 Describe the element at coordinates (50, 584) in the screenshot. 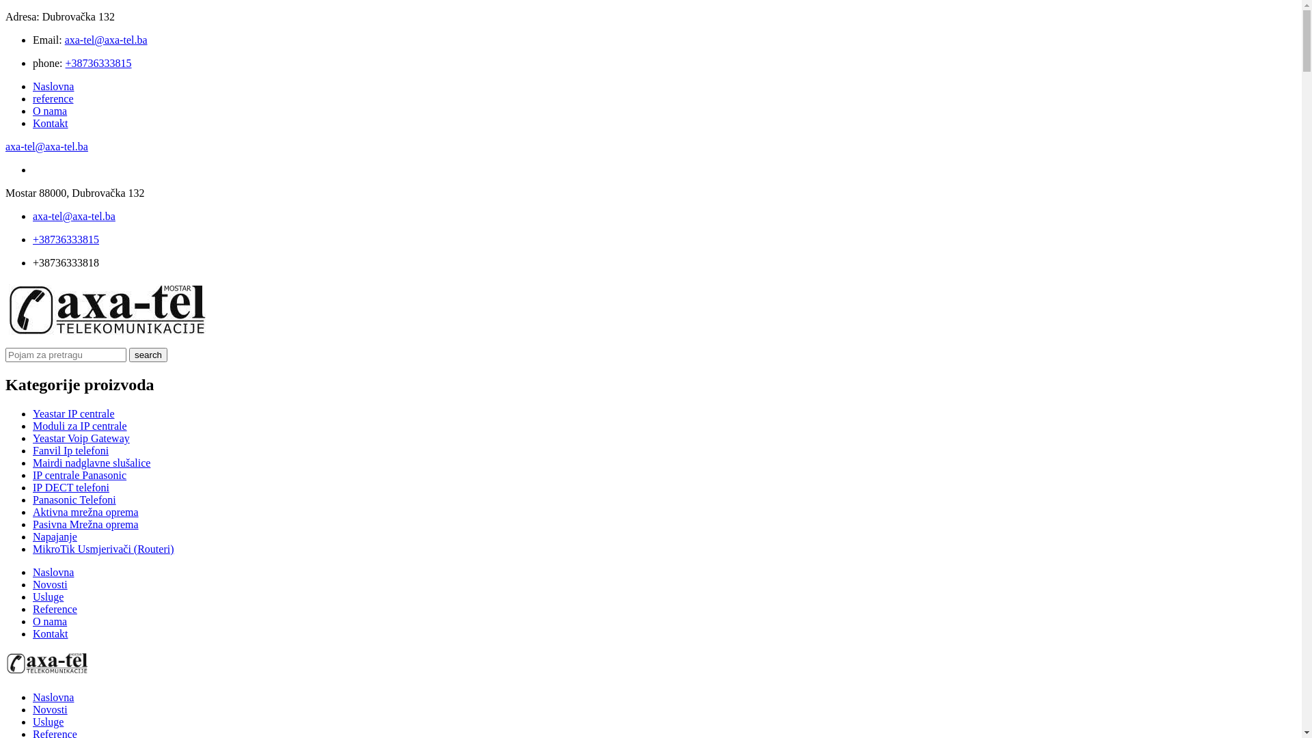

I see `'Novosti'` at that location.